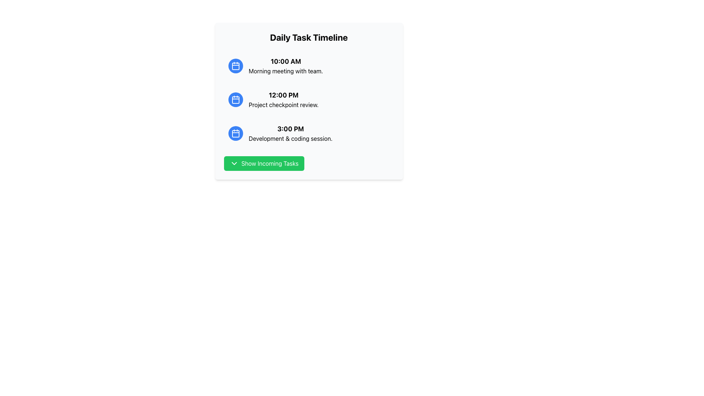 Image resolution: width=704 pixels, height=396 pixels. I want to click on text from the bold, large font static text block titled 'Daily Task Timeline' located at the top of the light gray panel, so click(309, 37).